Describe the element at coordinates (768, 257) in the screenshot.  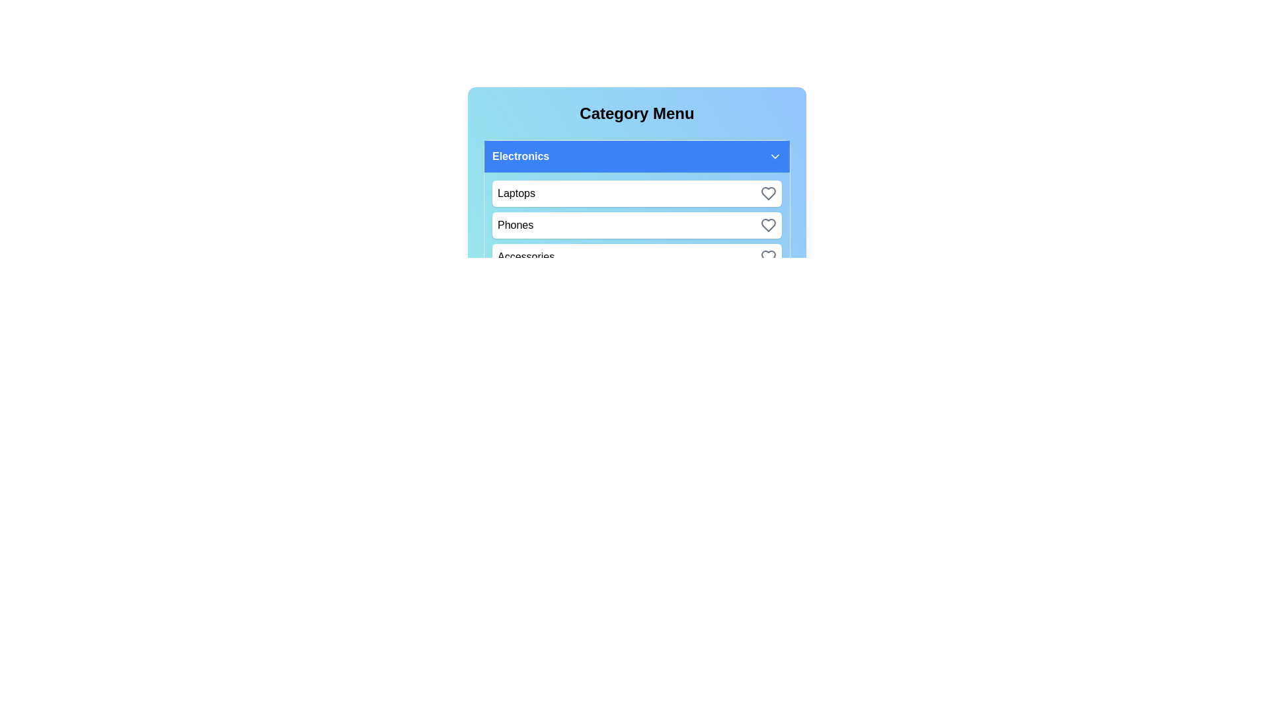
I see `the heart-shaped icon button, which is gray and located to the right of the word 'Accessories'` at that location.